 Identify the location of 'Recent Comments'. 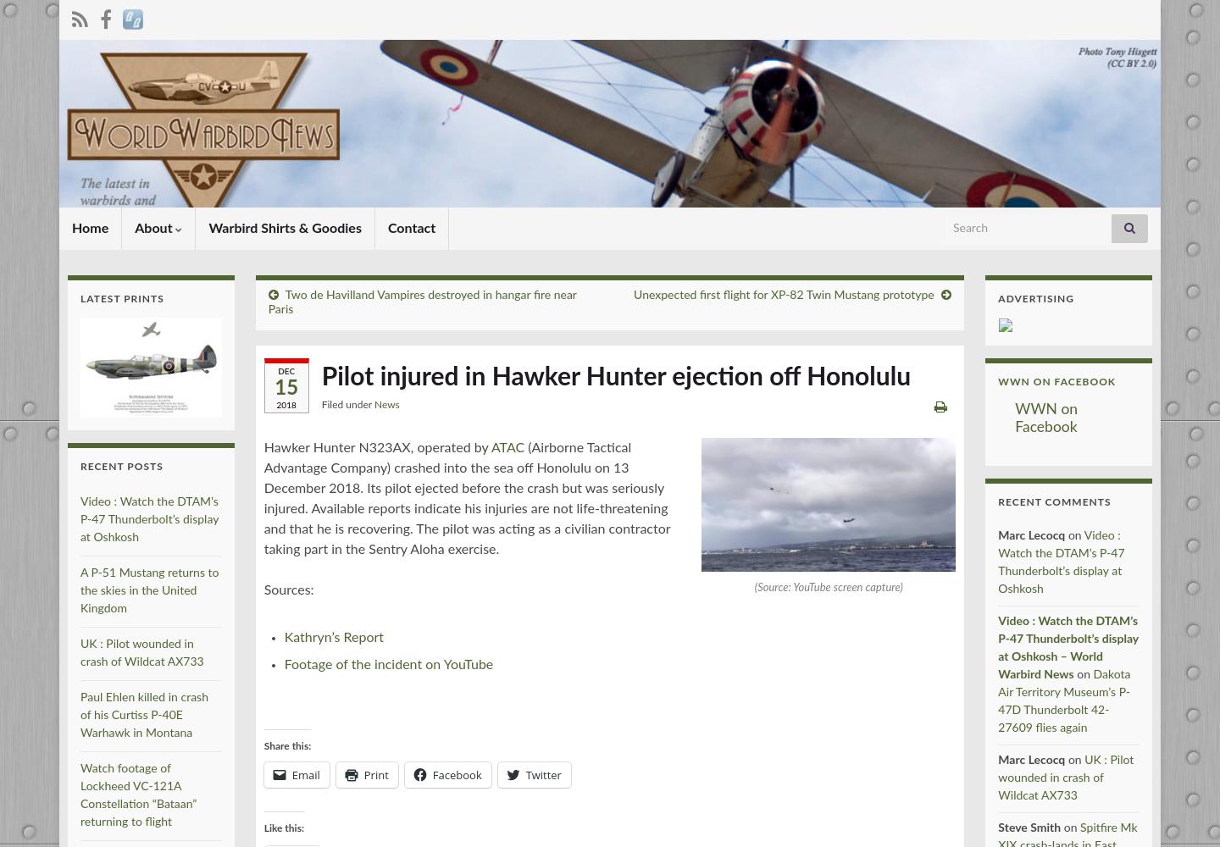
(1053, 501).